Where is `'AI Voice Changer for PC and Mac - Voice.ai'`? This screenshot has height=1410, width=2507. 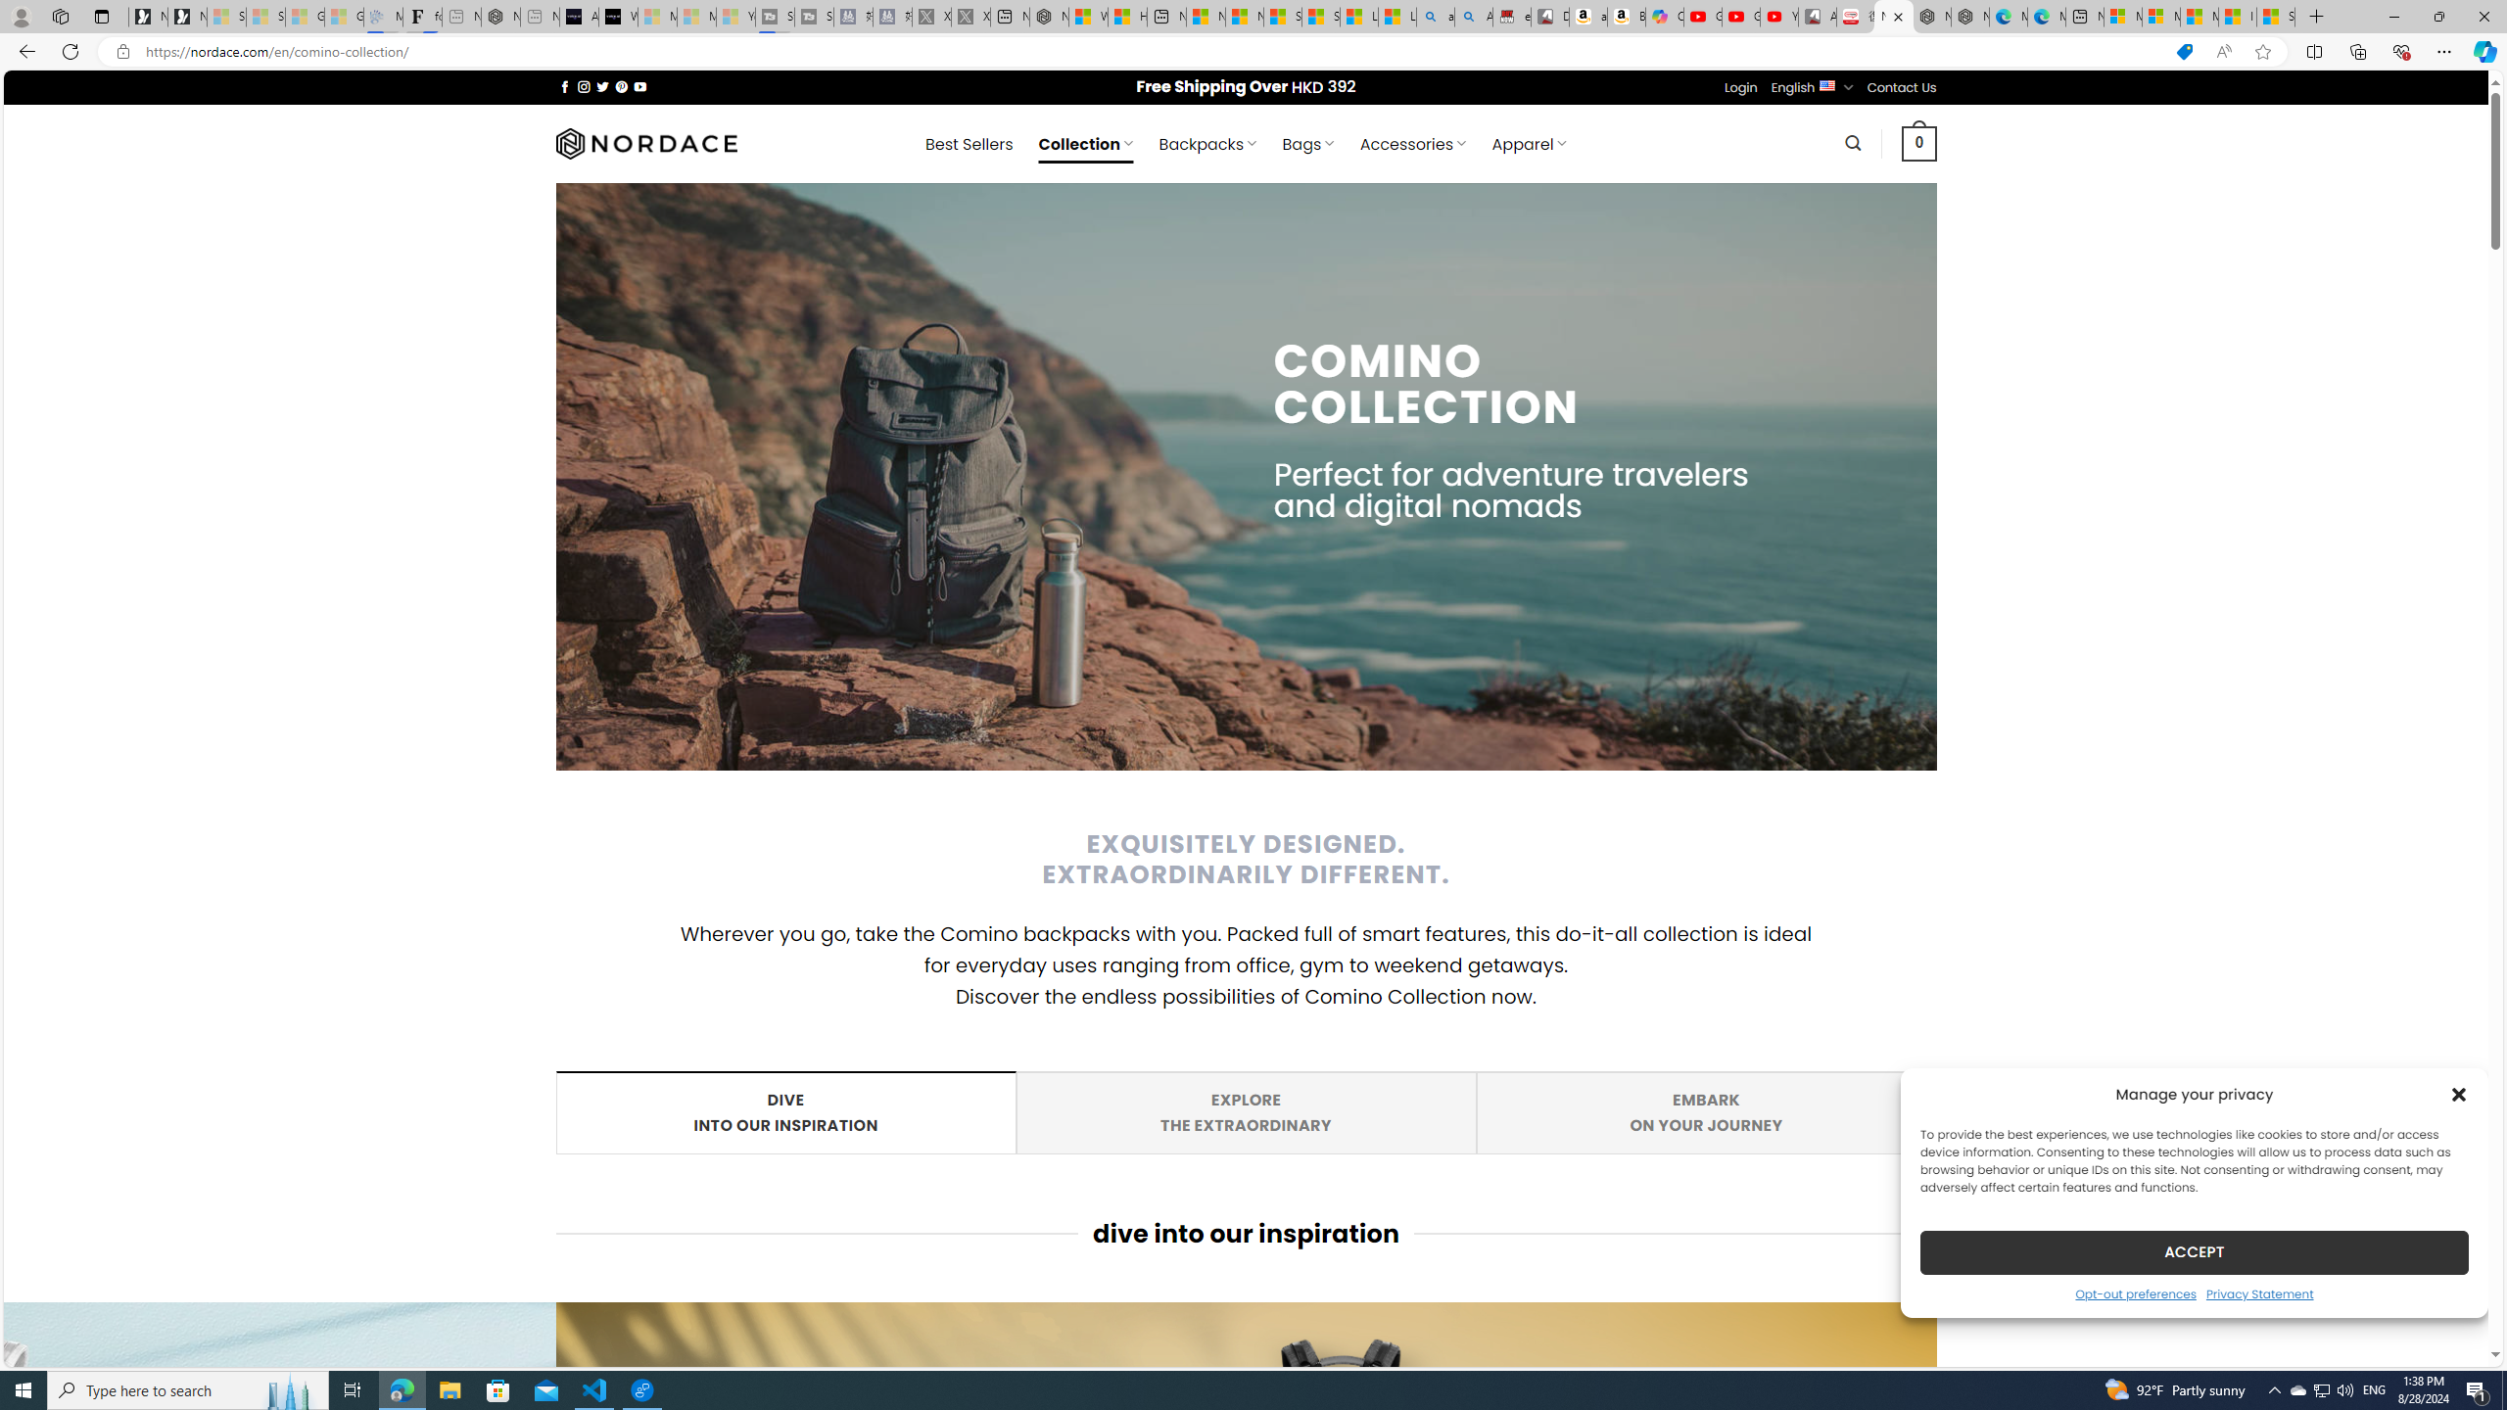
'AI Voice Changer for PC and Mac - Voice.ai' is located at coordinates (579, 16).